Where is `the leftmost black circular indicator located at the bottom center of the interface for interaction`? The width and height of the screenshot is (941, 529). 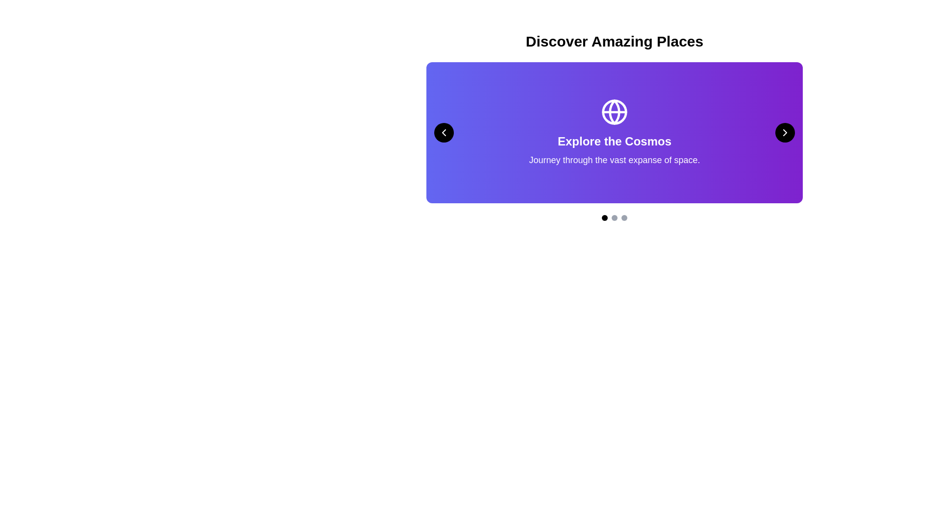 the leftmost black circular indicator located at the bottom center of the interface for interaction is located at coordinates (604, 217).